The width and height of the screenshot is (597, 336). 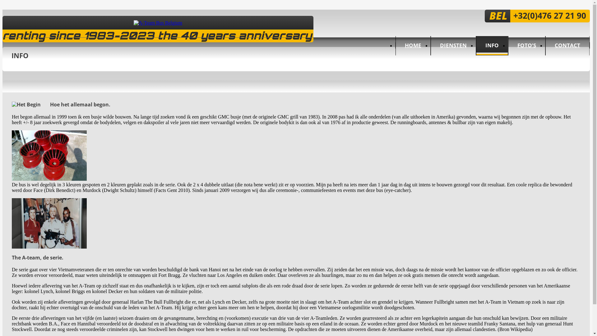 What do you see at coordinates (413, 45) in the screenshot?
I see `'HOME'` at bounding box center [413, 45].